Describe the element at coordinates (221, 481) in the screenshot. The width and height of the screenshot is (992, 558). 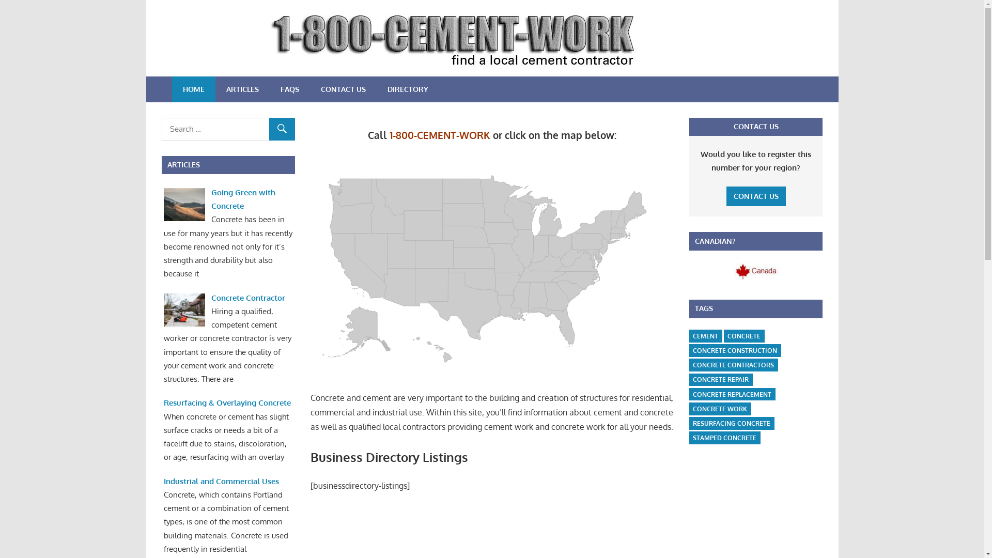
I see `'Industrial and Commercial Uses'` at that location.